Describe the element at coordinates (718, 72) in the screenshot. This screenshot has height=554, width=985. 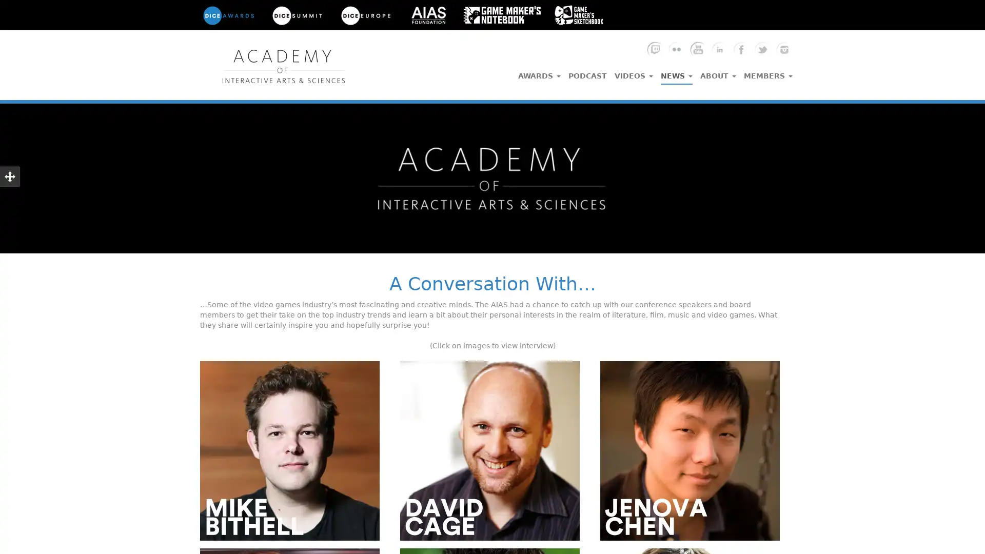
I see `ABOUT` at that location.